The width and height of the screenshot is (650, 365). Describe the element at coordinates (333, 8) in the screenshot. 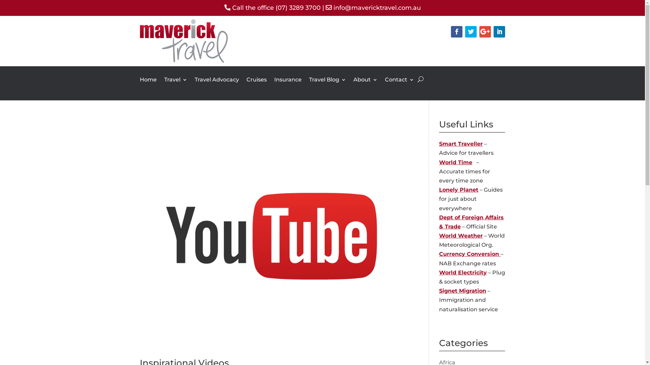

I see `'info@mavericktravel.com.au'` at that location.